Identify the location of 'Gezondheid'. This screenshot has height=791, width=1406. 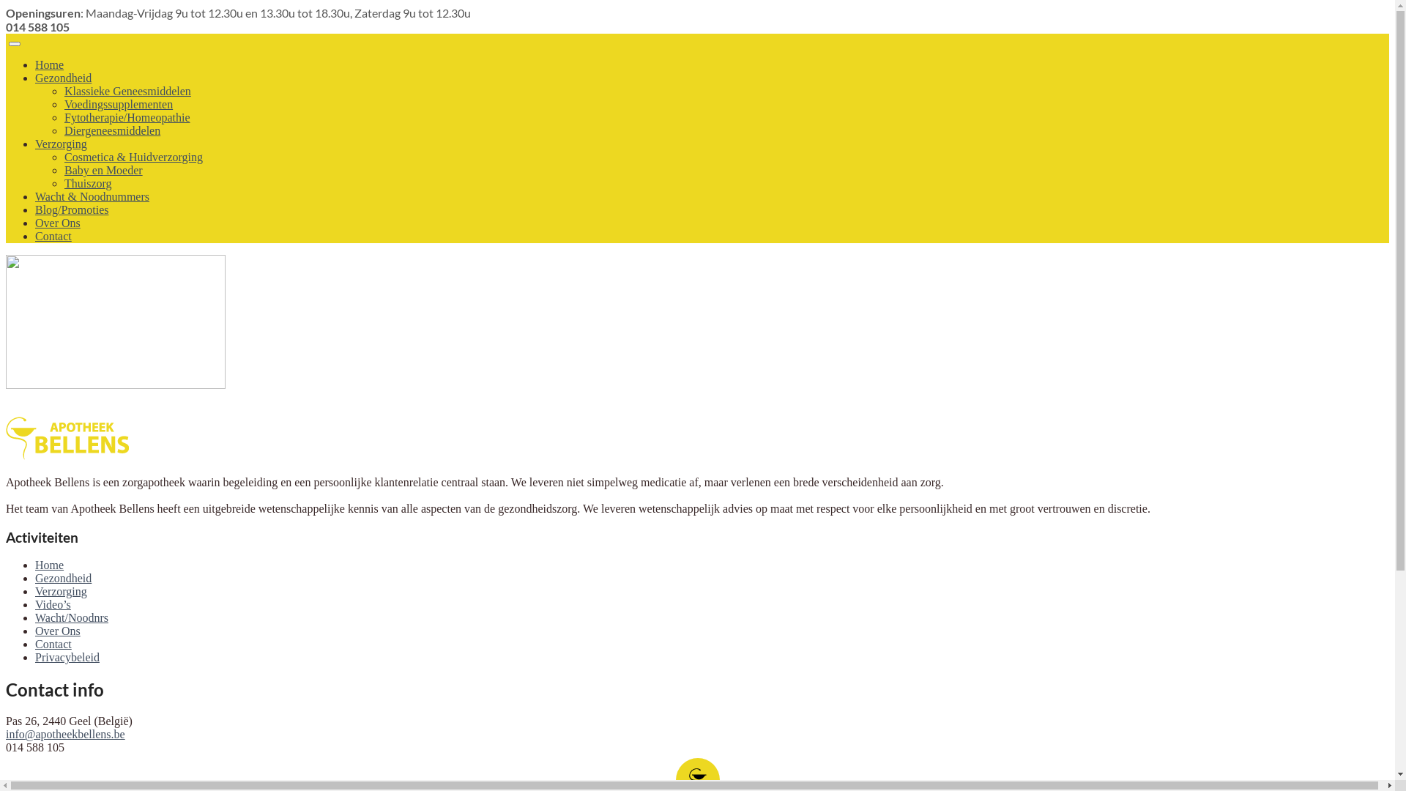
(62, 577).